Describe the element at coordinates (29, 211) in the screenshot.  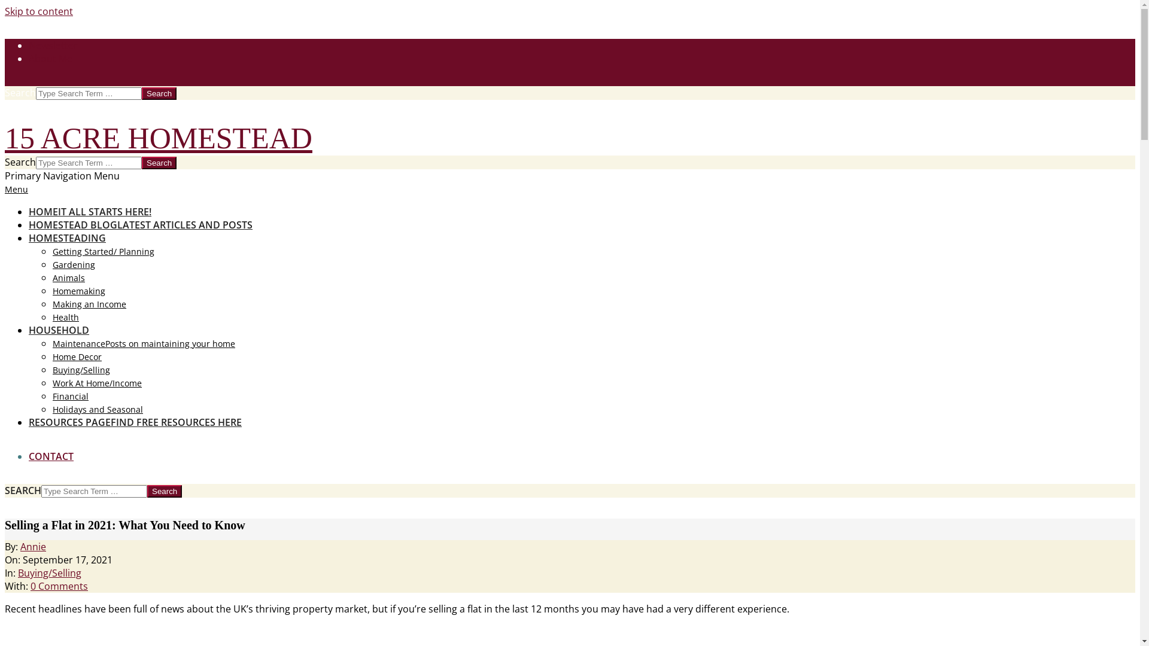
I see `'HOMEIT ALL STARTS HERE!'` at that location.